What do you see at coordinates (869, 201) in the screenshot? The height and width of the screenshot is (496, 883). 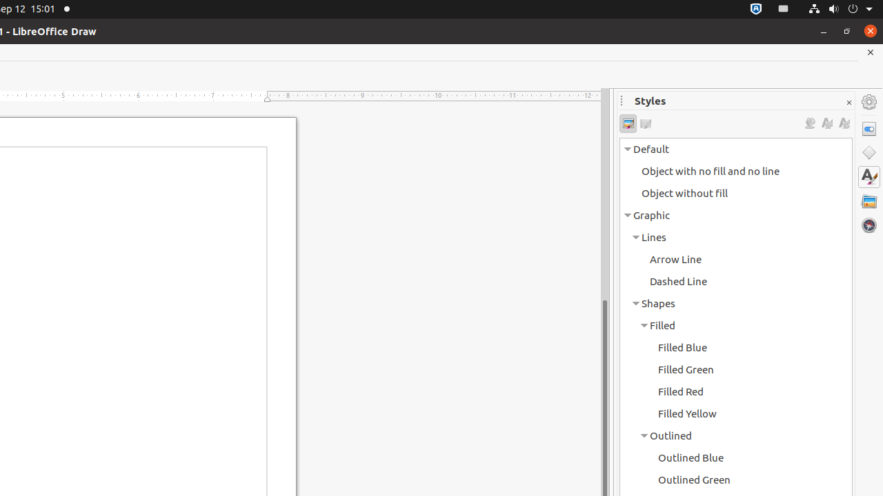 I see `'Gallery'` at bounding box center [869, 201].